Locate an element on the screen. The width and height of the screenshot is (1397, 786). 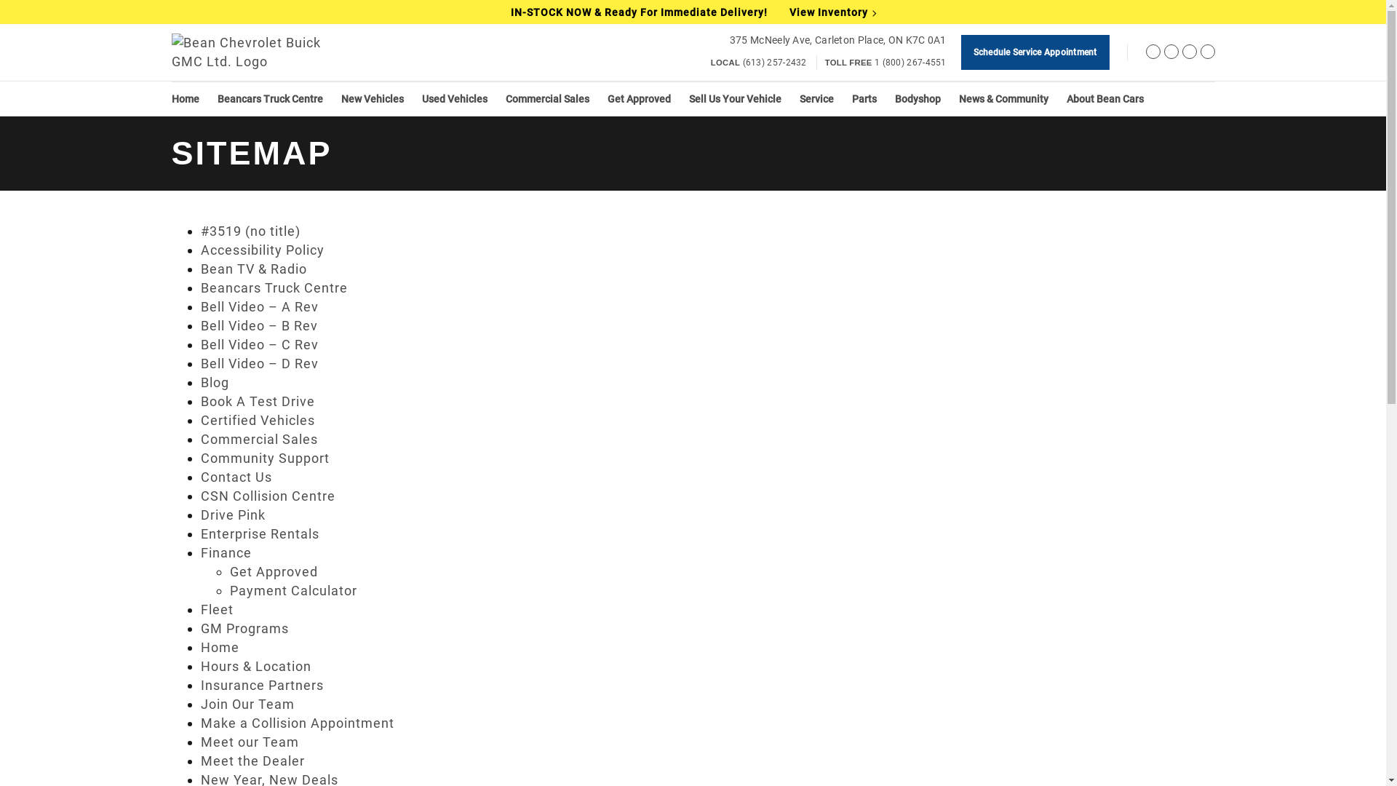
'https://www.instagram.com/beanchevbuickgmc/' is located at coordinates (1188, 53).